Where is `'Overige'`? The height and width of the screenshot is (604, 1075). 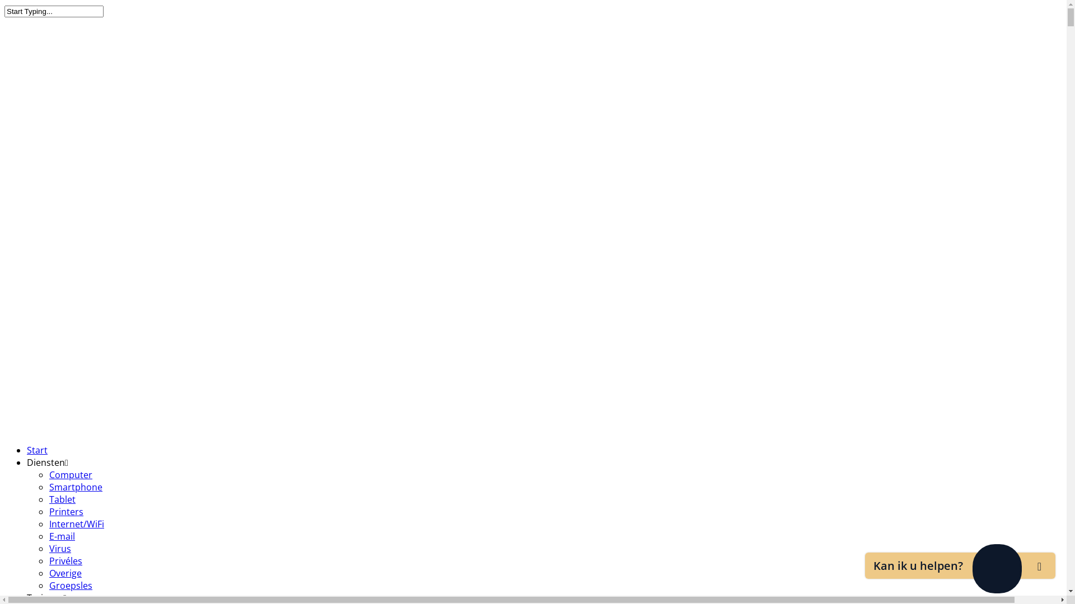 'Overige' is located at coordinates (48, 573).